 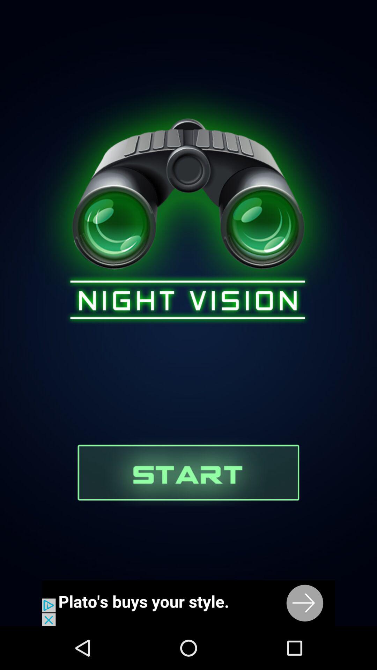 I want to click on press start, so click(x=188, y=472).